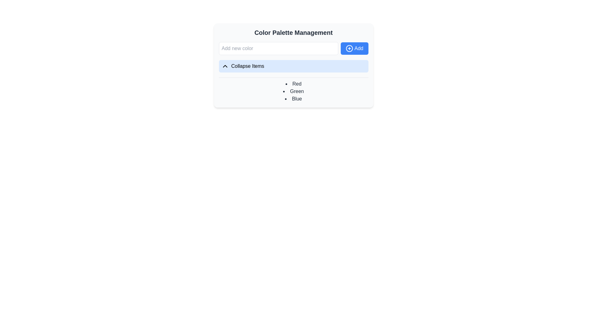 This screenshot has width=598, height=336. I want to click on the leftmost icon of the 'Collapse Items' button, which indicates the state of a collapsible section, located directly below the 'Color Palette Management' title, so click(225, 66).